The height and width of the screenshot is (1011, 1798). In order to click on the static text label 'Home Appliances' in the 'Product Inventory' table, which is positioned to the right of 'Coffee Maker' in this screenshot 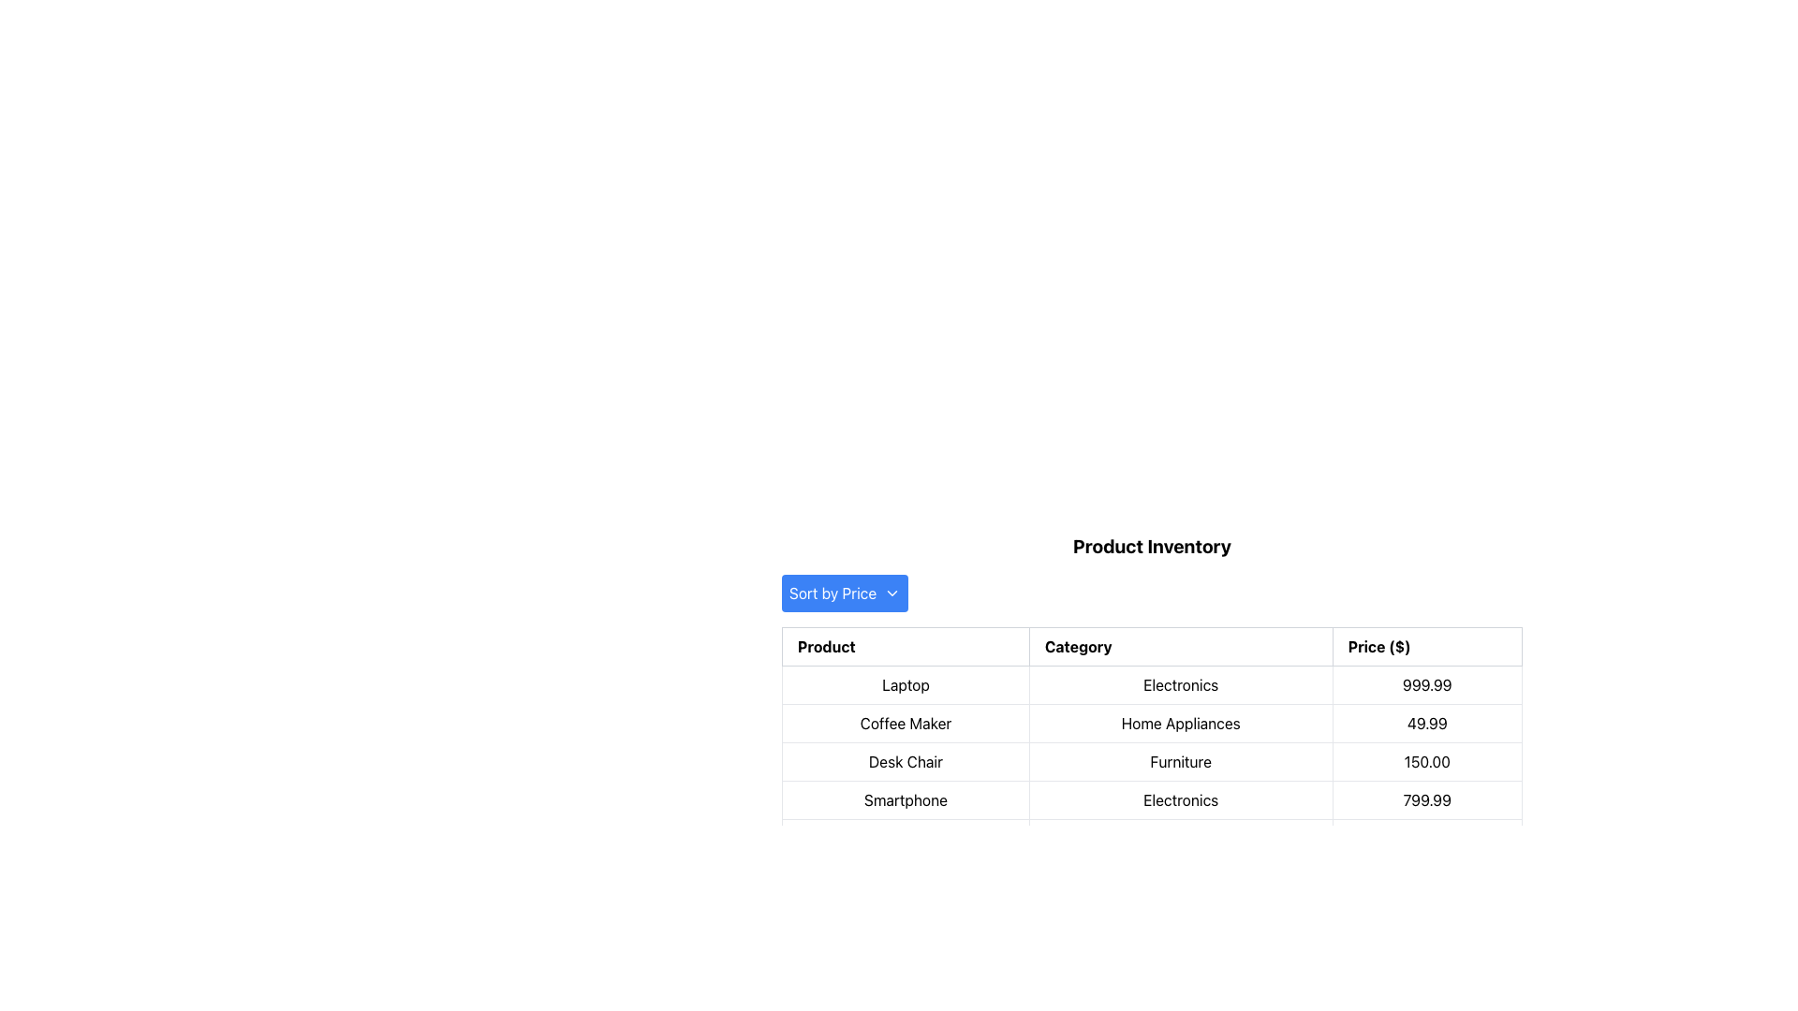, I will do `click(1180, 722)`.